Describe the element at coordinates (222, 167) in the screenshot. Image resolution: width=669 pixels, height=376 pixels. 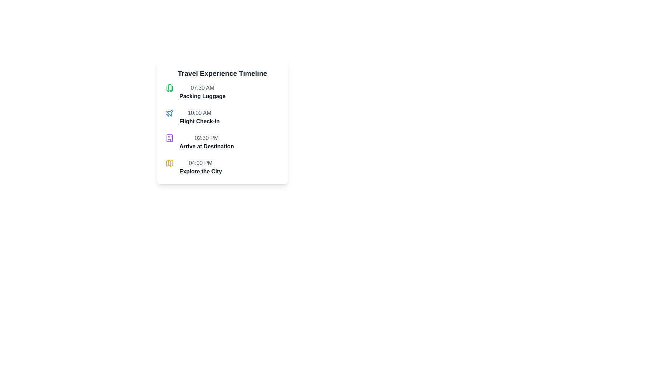
I see `the timeline item representing the event scheduled for '04:00 PM' with the title 'Explore the City', which is the fourth element in the vertical list of the timeline` at that location.